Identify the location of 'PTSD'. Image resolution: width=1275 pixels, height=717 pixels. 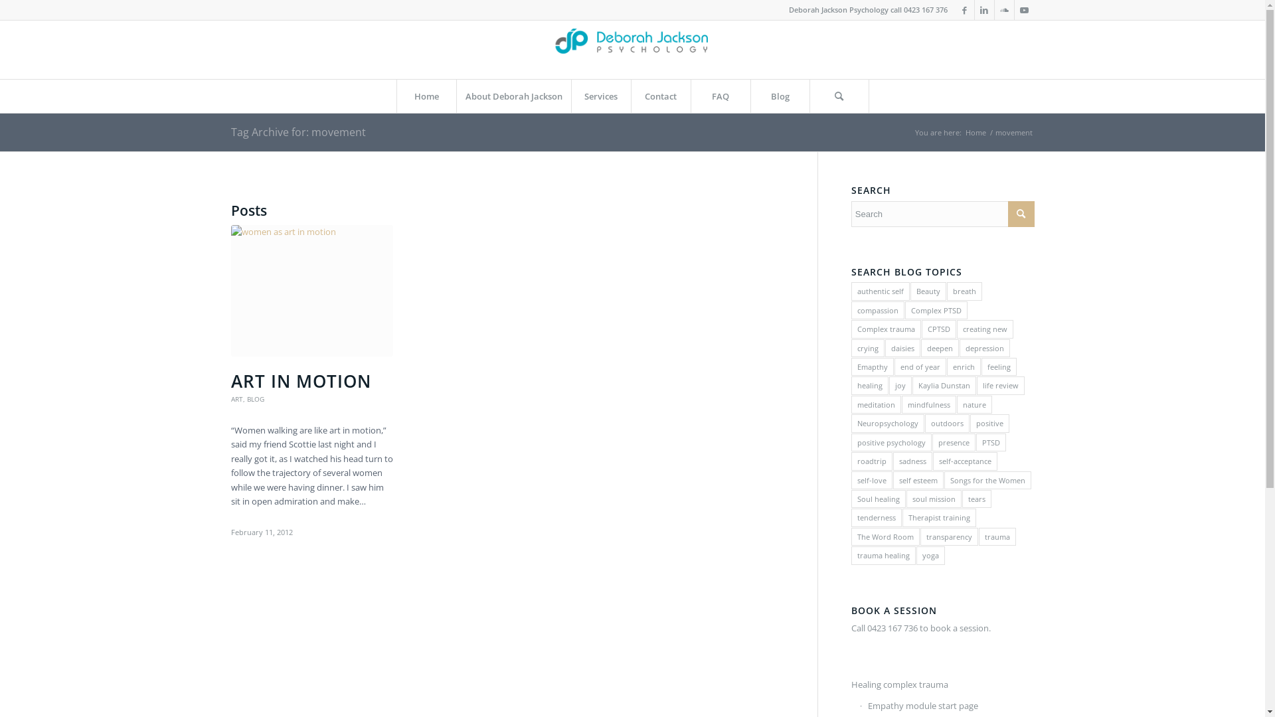
(991, 442).